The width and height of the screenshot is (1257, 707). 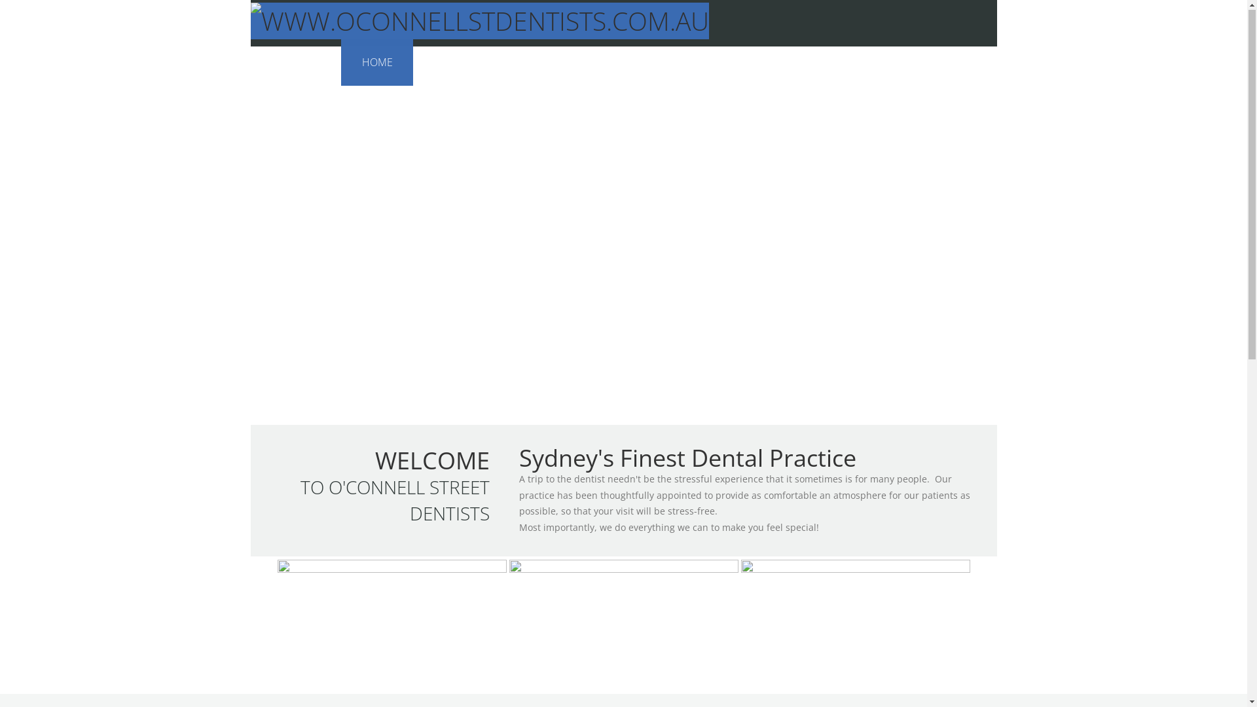 What do you see at coordinates (710, 63) in the screenshot?
I see `'WHAT WE PROVIDE'` at bounding box center [710, 63].